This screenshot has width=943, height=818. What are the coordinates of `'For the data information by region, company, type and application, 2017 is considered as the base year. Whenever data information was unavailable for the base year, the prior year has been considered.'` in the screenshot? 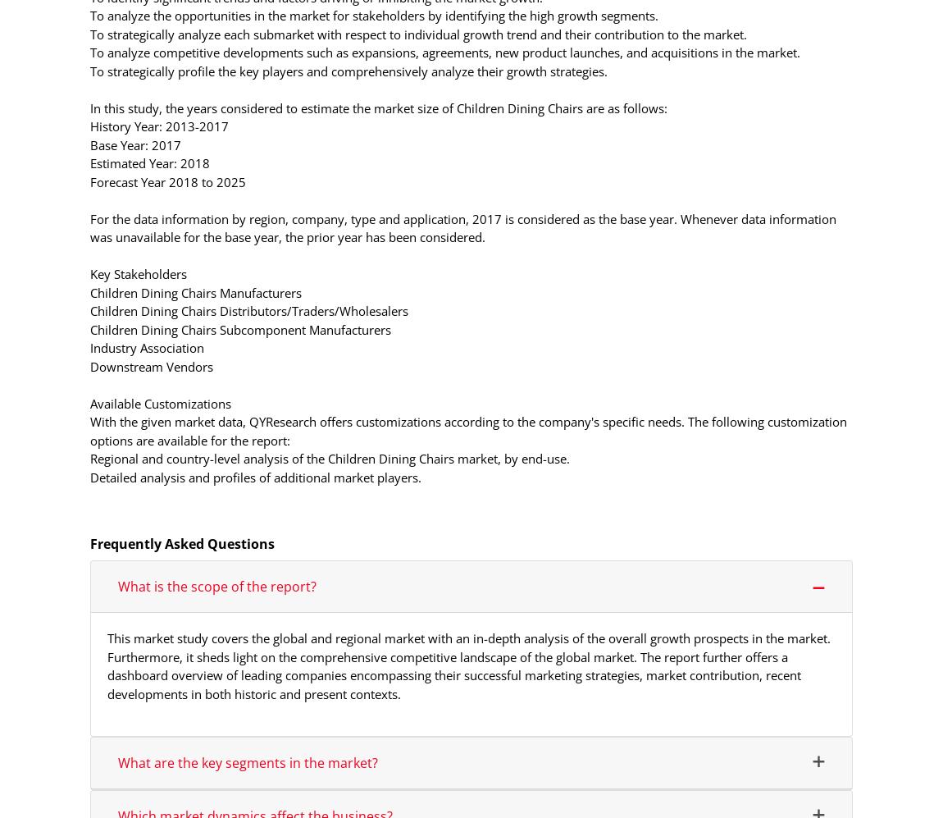 It's located at (89, 227).